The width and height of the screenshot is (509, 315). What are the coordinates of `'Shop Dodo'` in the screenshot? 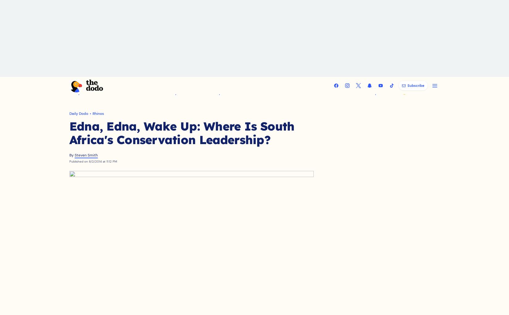 It's located at (221, 99).